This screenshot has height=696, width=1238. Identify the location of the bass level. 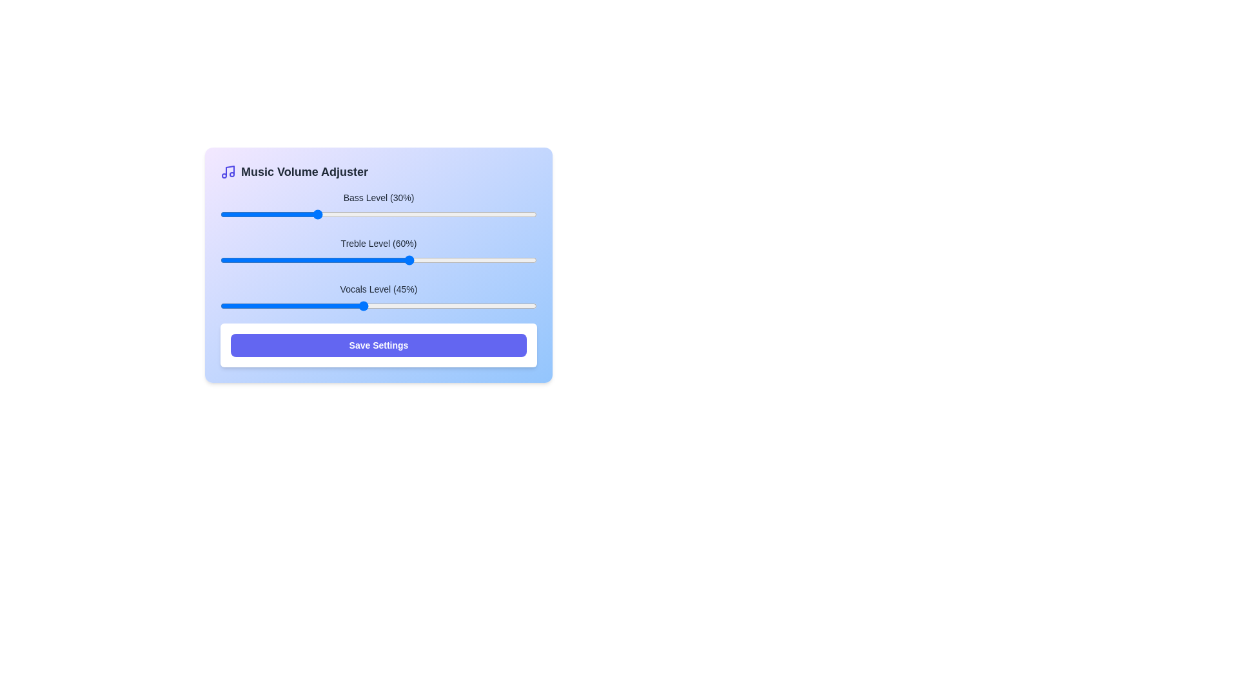
(451, 213).